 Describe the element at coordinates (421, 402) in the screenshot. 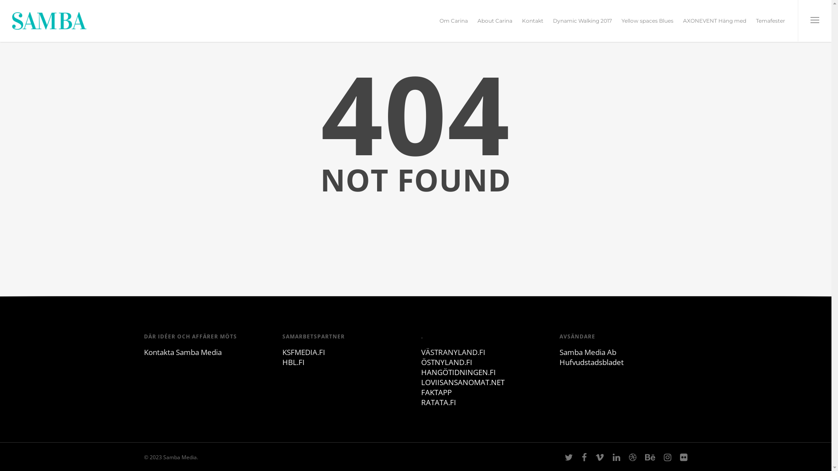

I see `'RATATA.FI'` at that location.